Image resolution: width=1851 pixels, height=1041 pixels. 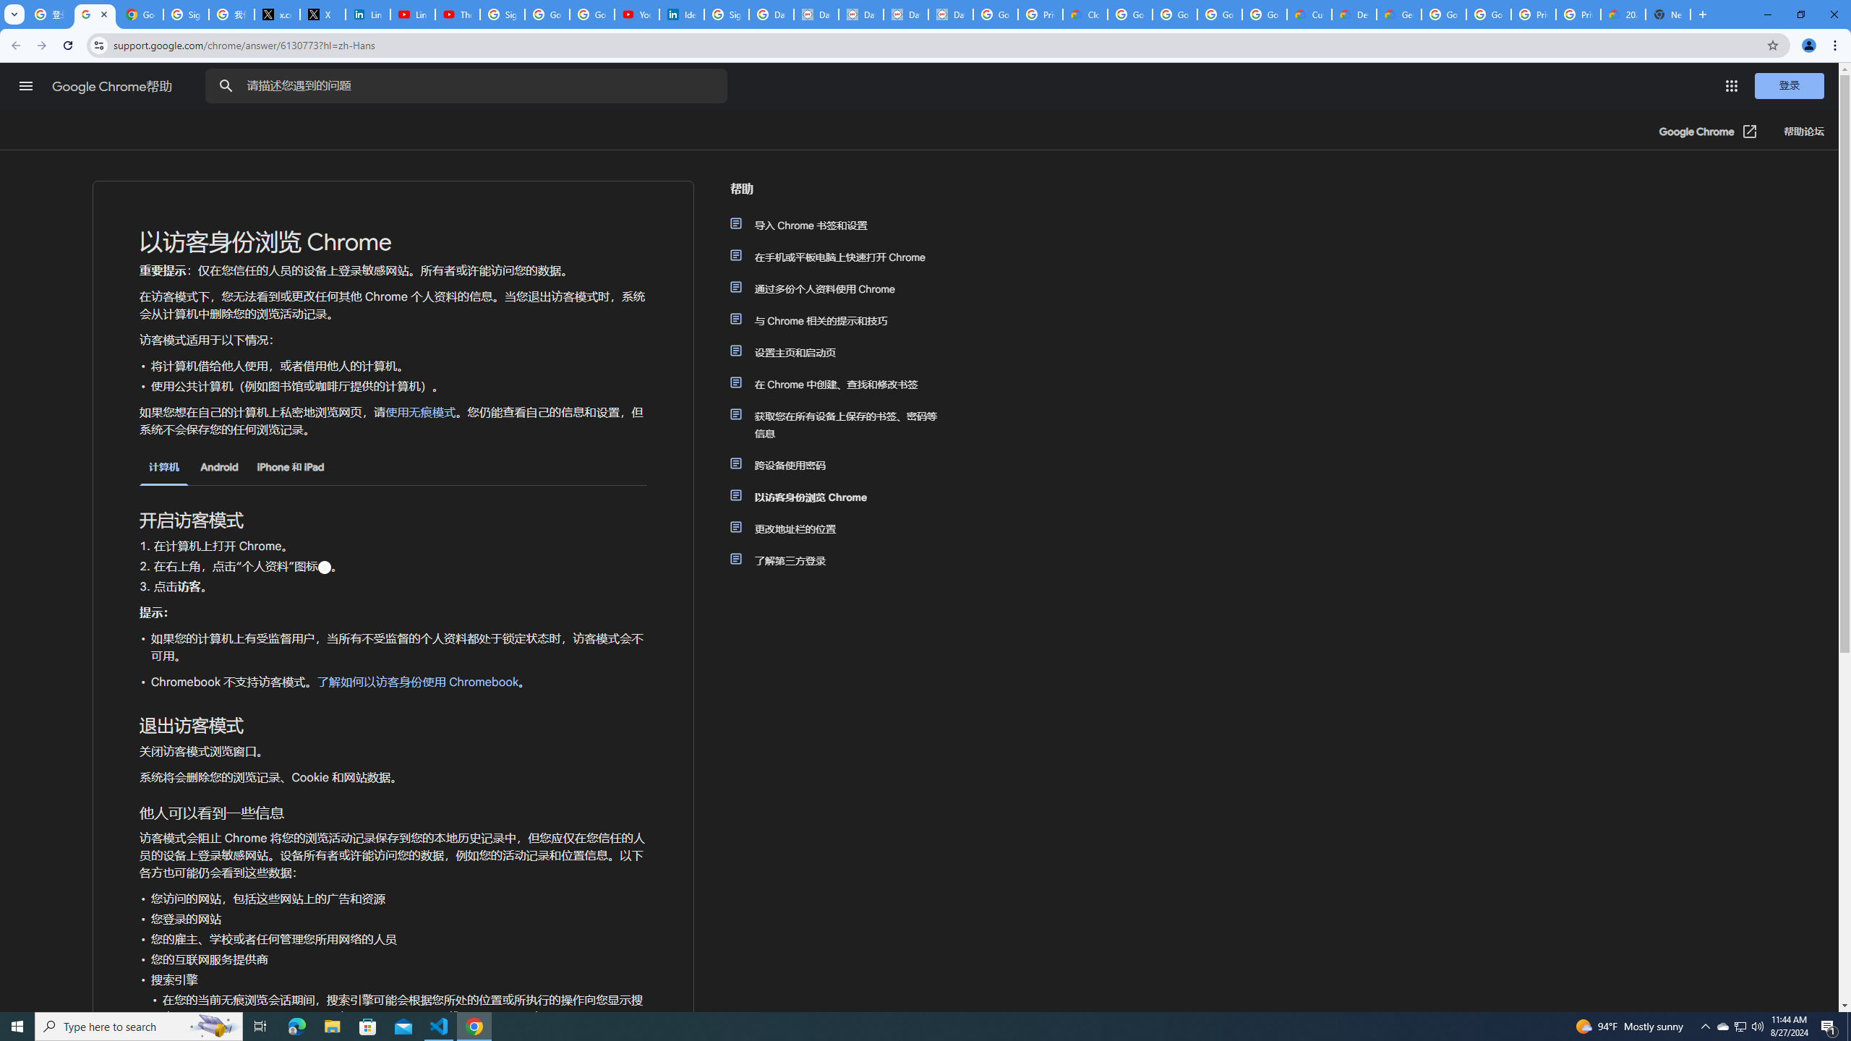 What do you see at coordinates (1264, 14) in the screenshot?
I see `'Google Workspace - Specific Terms'` at bounding box center [1264, 14].